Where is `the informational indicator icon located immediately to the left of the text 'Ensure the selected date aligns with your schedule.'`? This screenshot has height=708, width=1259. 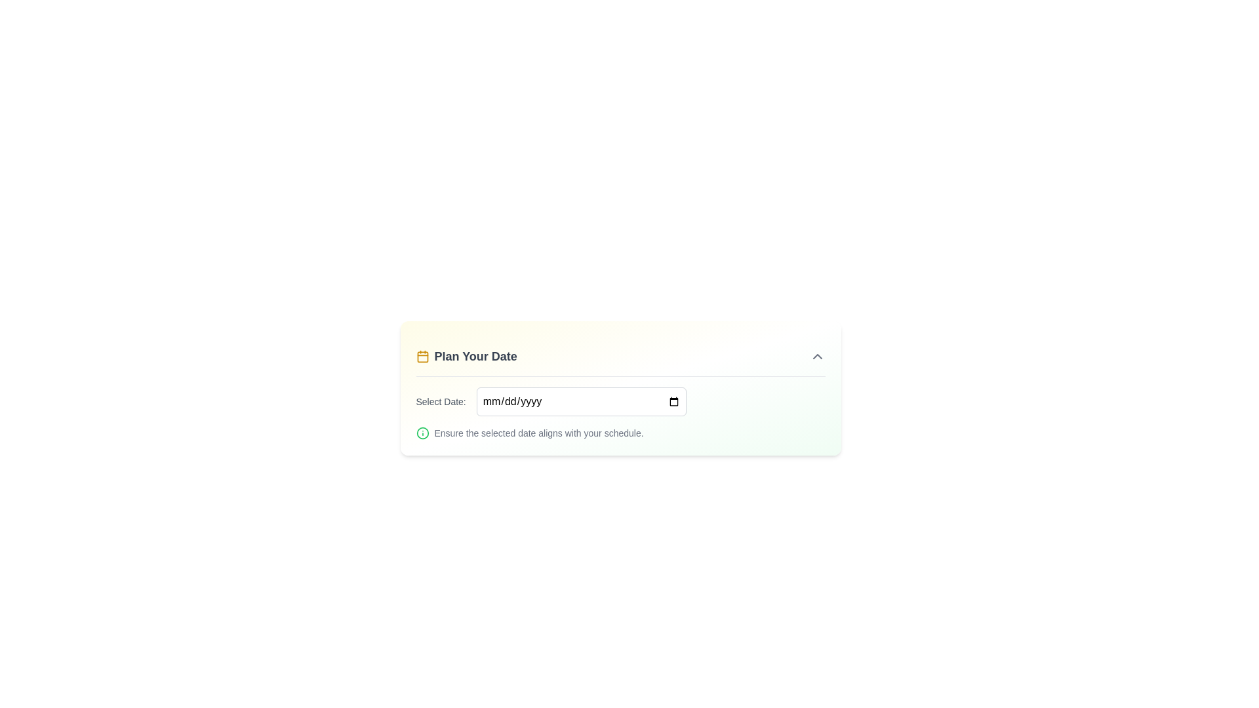
the informational indicator icon located immediately to the left of the text 'Ensure the selected date aligns with your schedule.' is located at coordinates (422, 433).